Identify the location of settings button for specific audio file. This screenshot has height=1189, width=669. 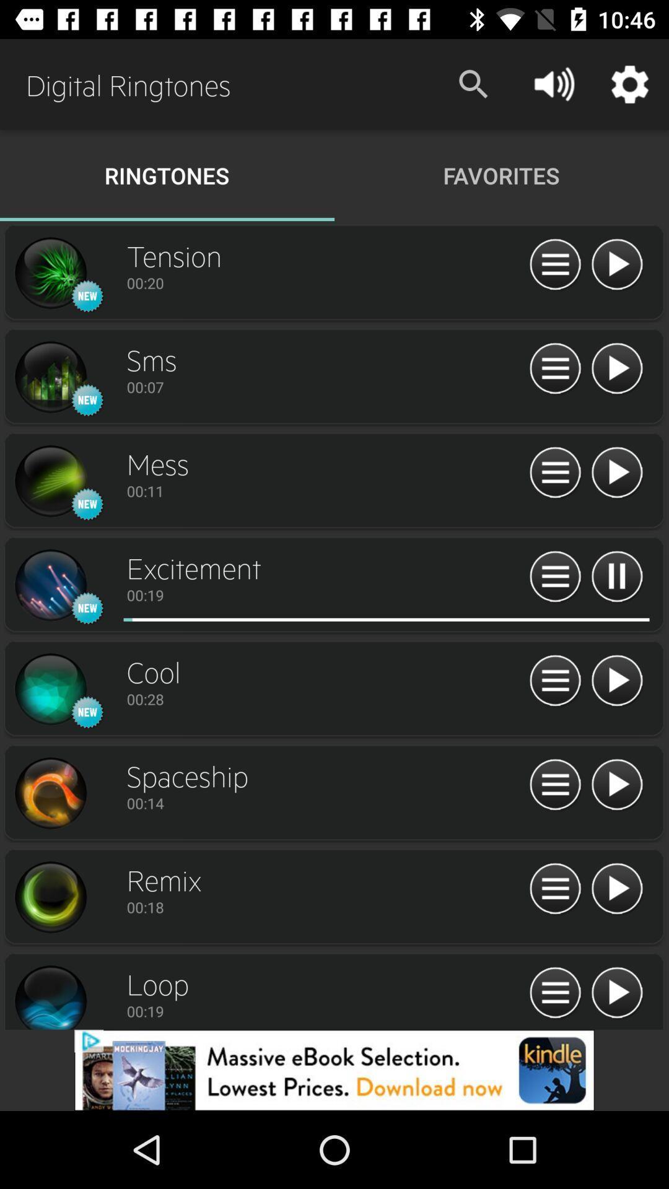
(554, 473).